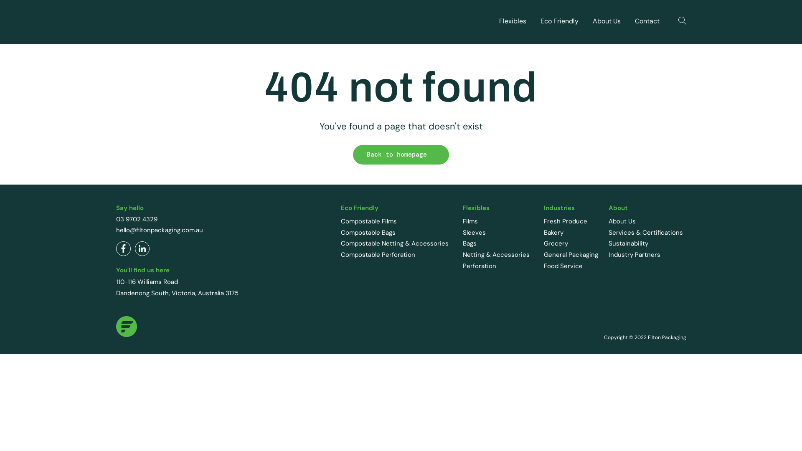  Describe the element at coordinates (378, 254) in the screenshot. I see `'Compostable Perforation'` at that location.